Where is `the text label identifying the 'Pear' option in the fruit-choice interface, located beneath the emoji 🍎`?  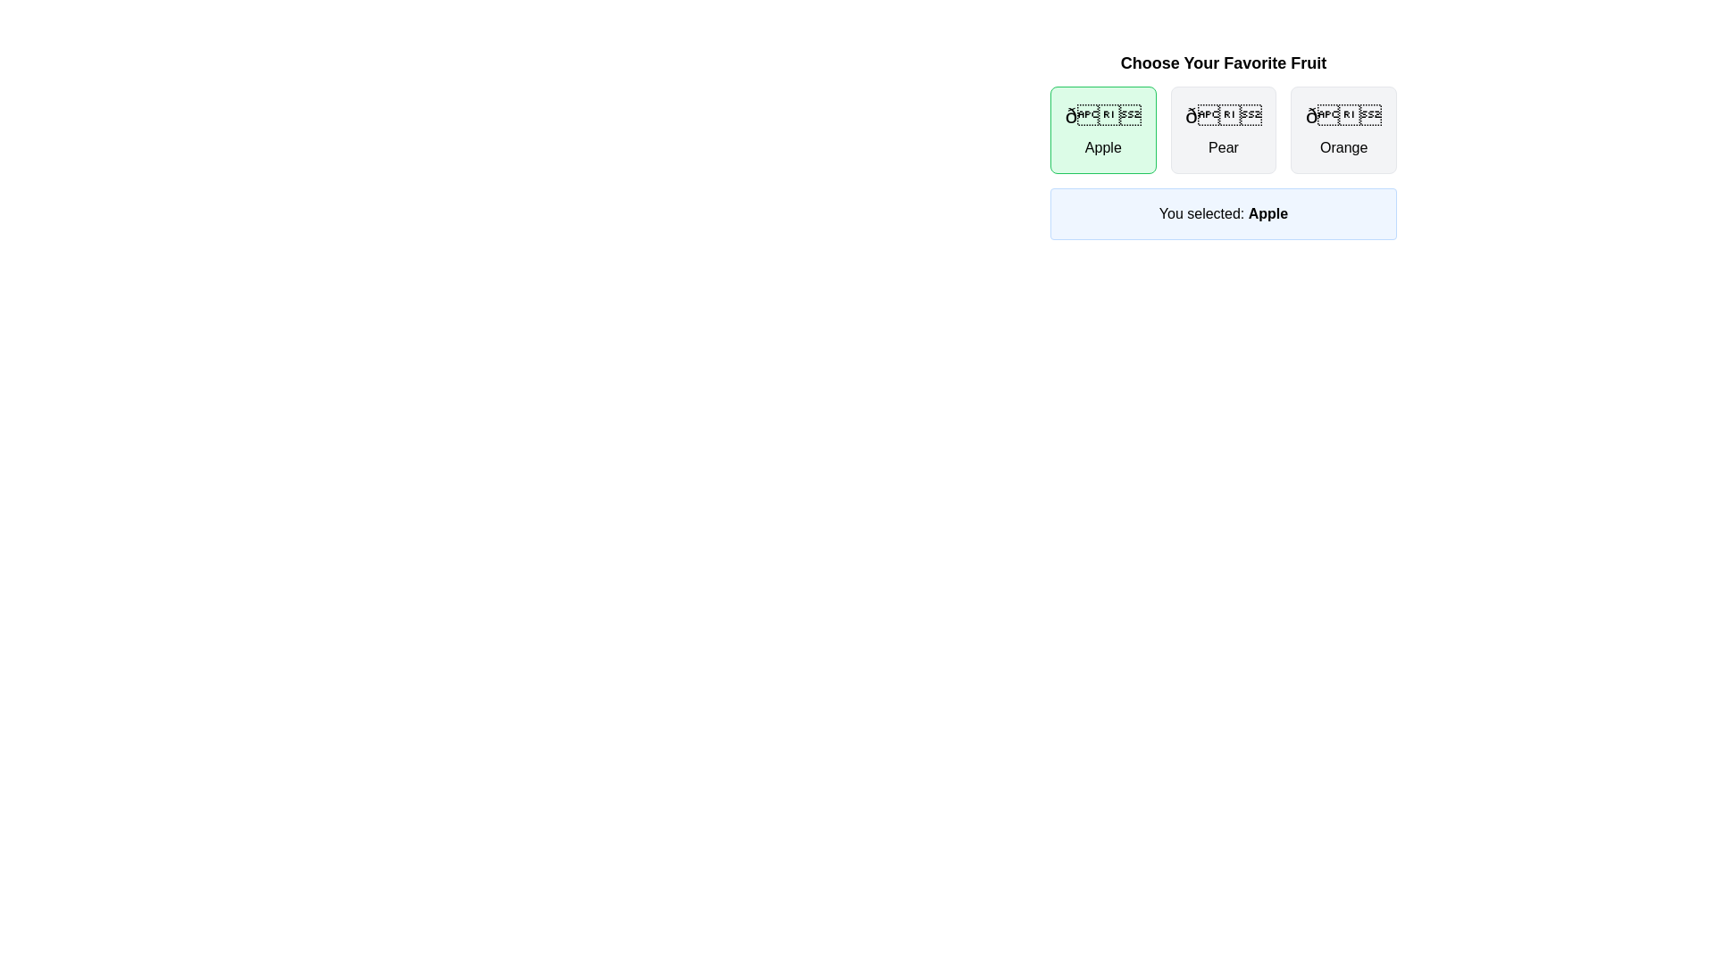
the text label identifying the 'Pear' option in the fruit-choice interface, located beneath the emoji 🍎 is located at coordinates (1222, 146).